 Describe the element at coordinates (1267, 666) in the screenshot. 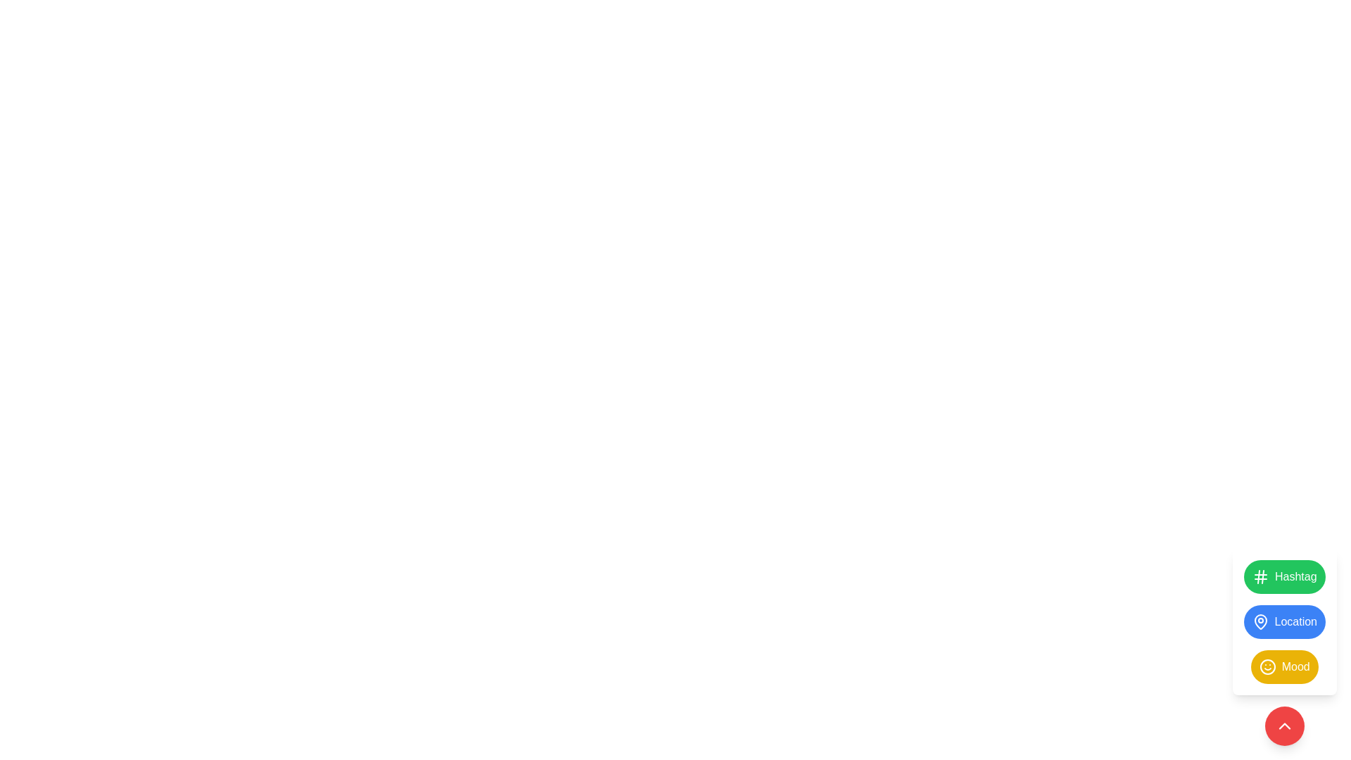

I see `the design of the mood icon located to the left of the 'Mood' button, which is the third button in a vertical stack` at that location.